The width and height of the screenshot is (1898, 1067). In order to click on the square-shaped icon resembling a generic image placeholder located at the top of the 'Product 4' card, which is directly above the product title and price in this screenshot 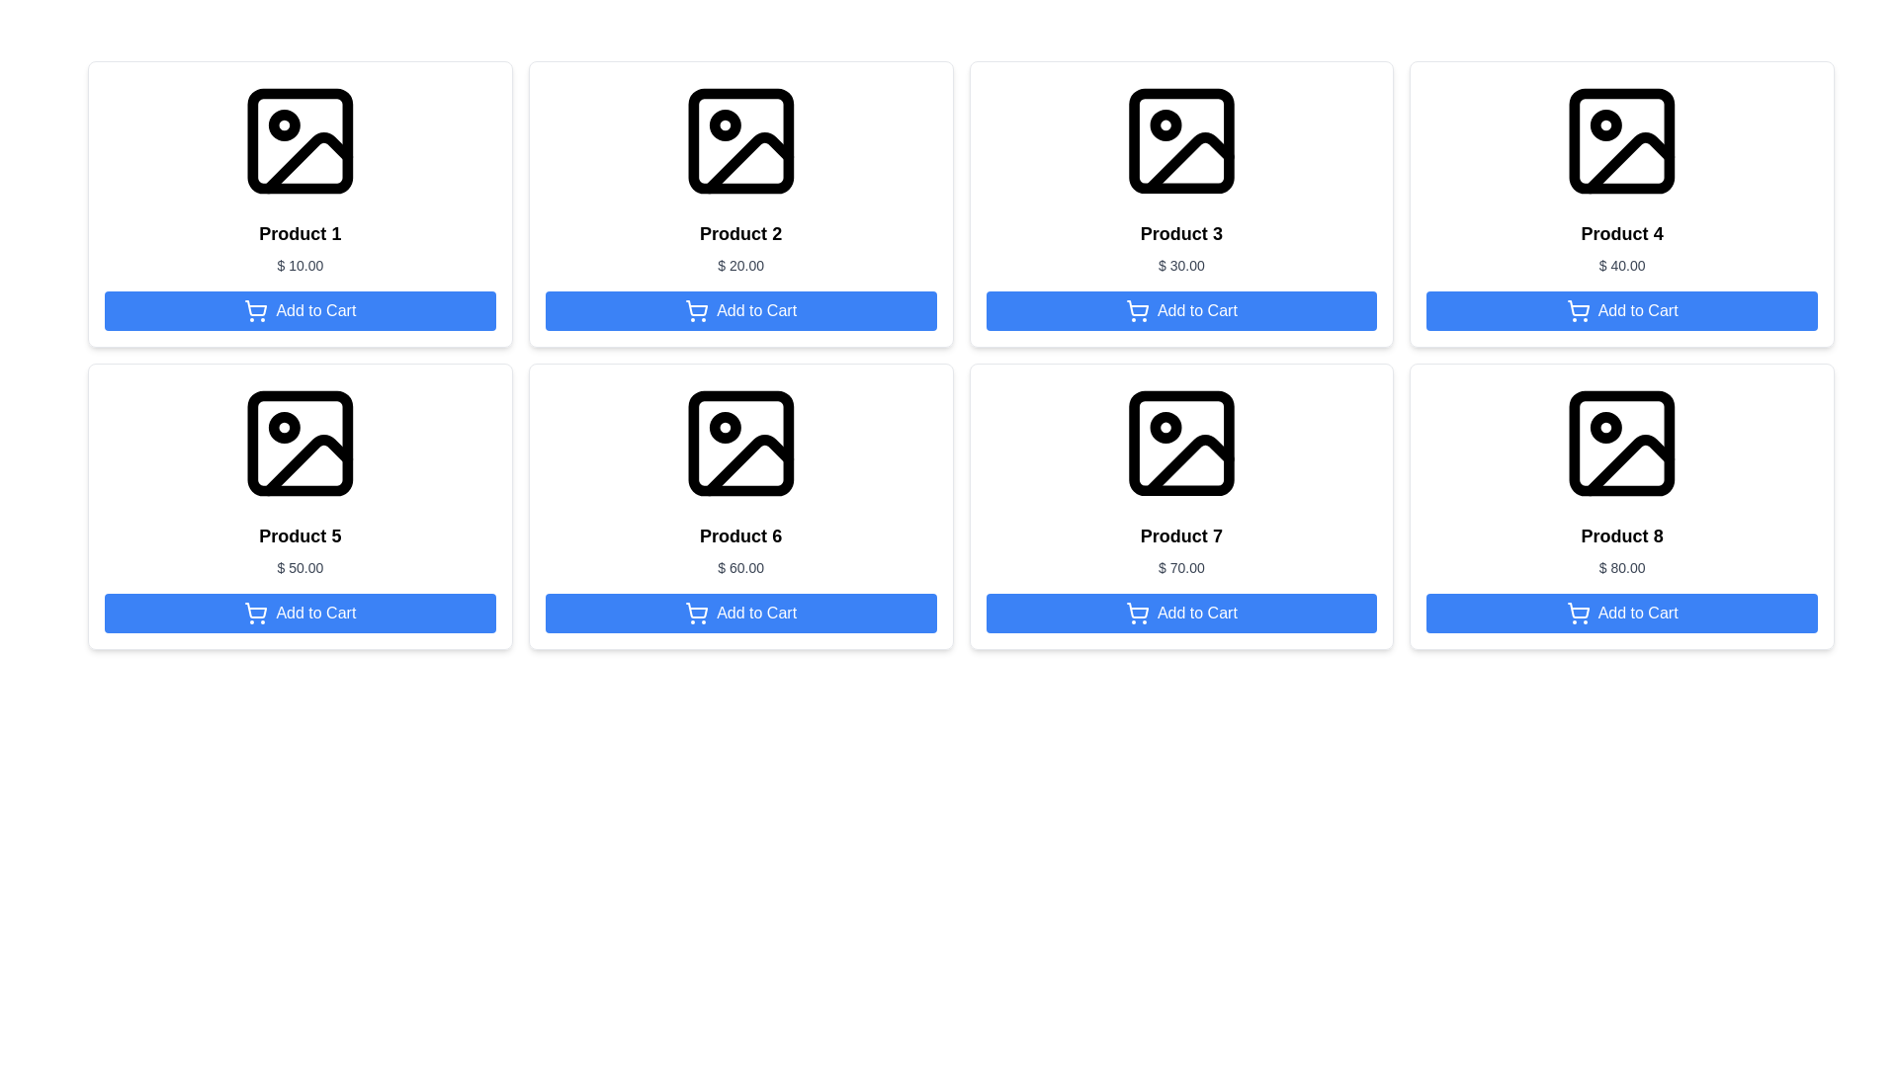, I will do `click(1622, 139)`.